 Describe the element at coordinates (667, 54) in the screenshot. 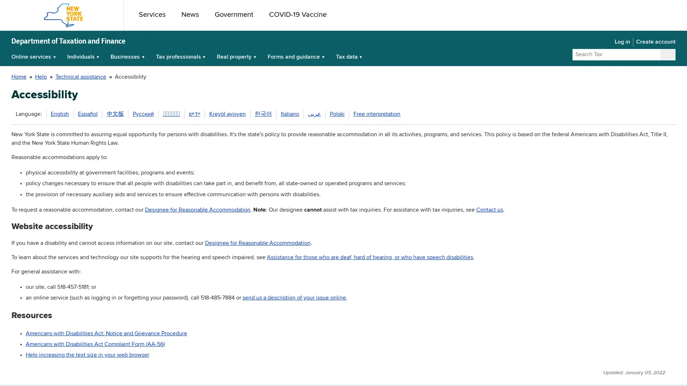

I see `Search Tax` at that location.